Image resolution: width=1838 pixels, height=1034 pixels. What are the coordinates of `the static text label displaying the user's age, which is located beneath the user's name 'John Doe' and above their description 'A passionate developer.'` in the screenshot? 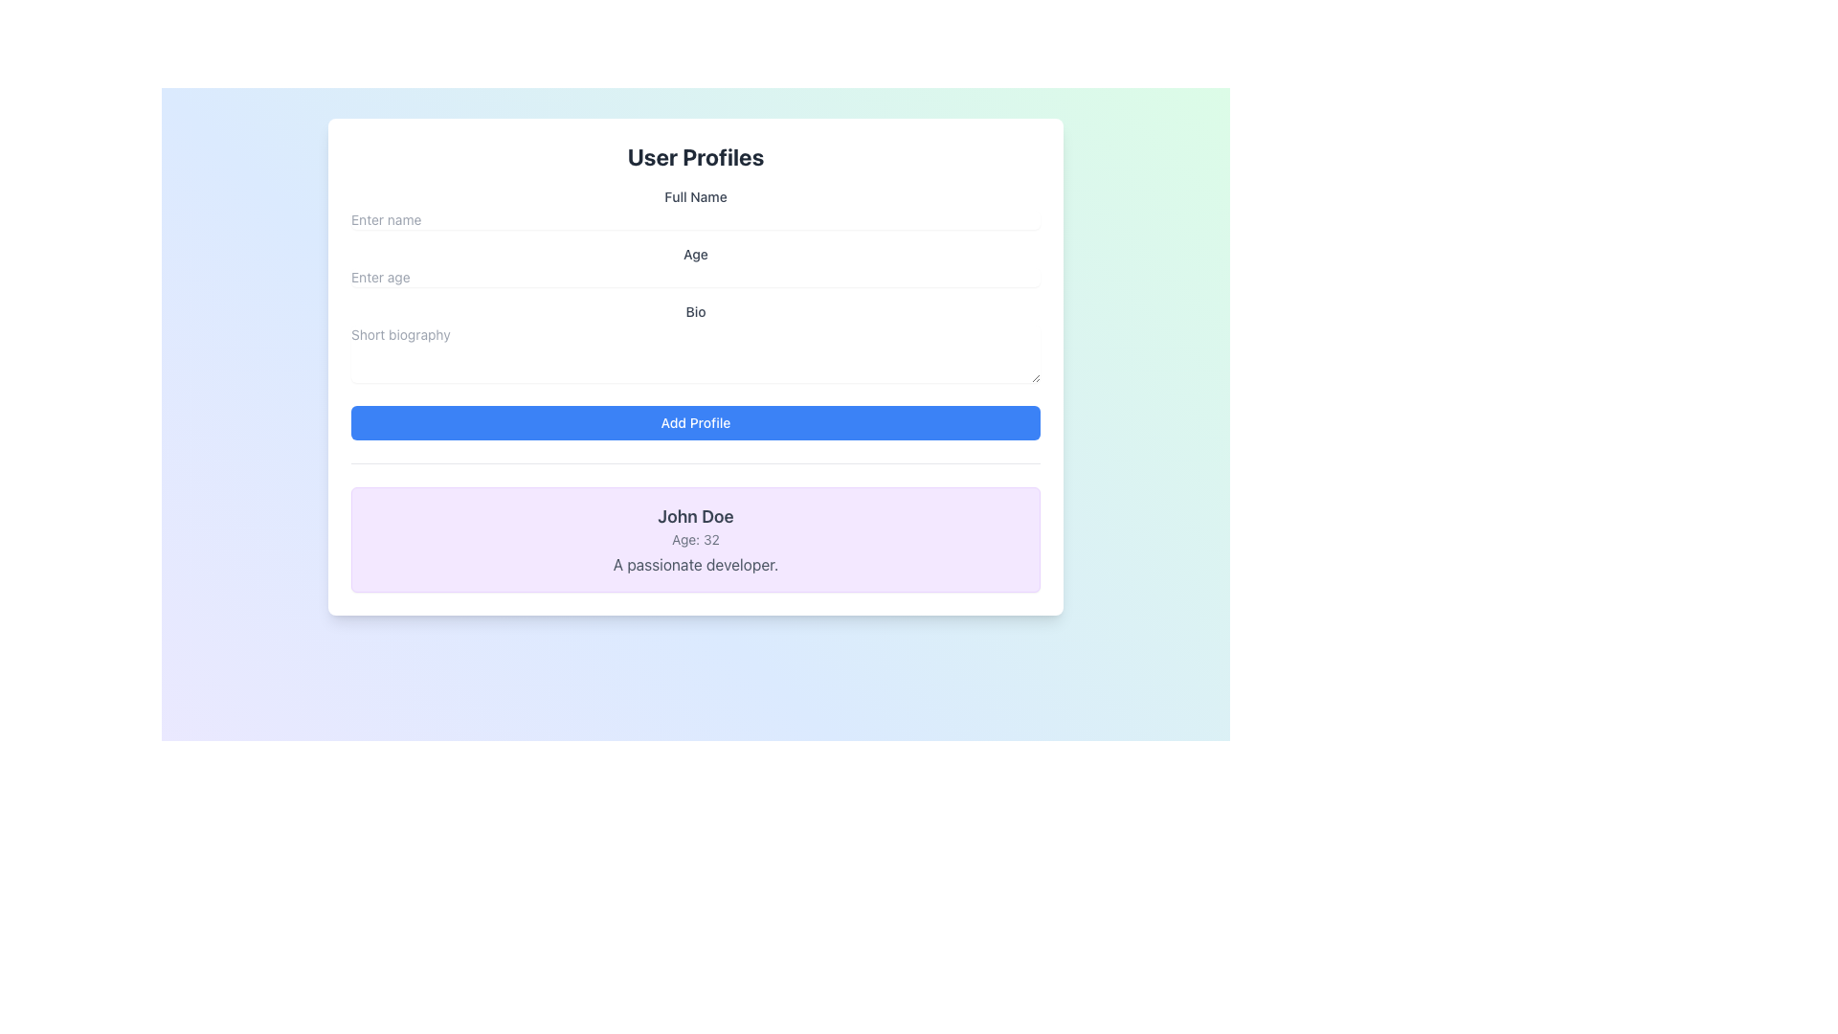 It's located at (694, 539).